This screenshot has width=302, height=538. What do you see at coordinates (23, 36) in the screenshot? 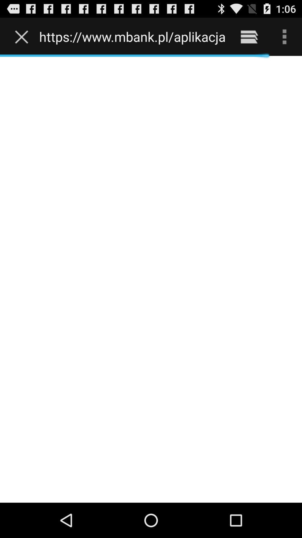
I see `icon at the top left corner` at bounding box center [23, 36].